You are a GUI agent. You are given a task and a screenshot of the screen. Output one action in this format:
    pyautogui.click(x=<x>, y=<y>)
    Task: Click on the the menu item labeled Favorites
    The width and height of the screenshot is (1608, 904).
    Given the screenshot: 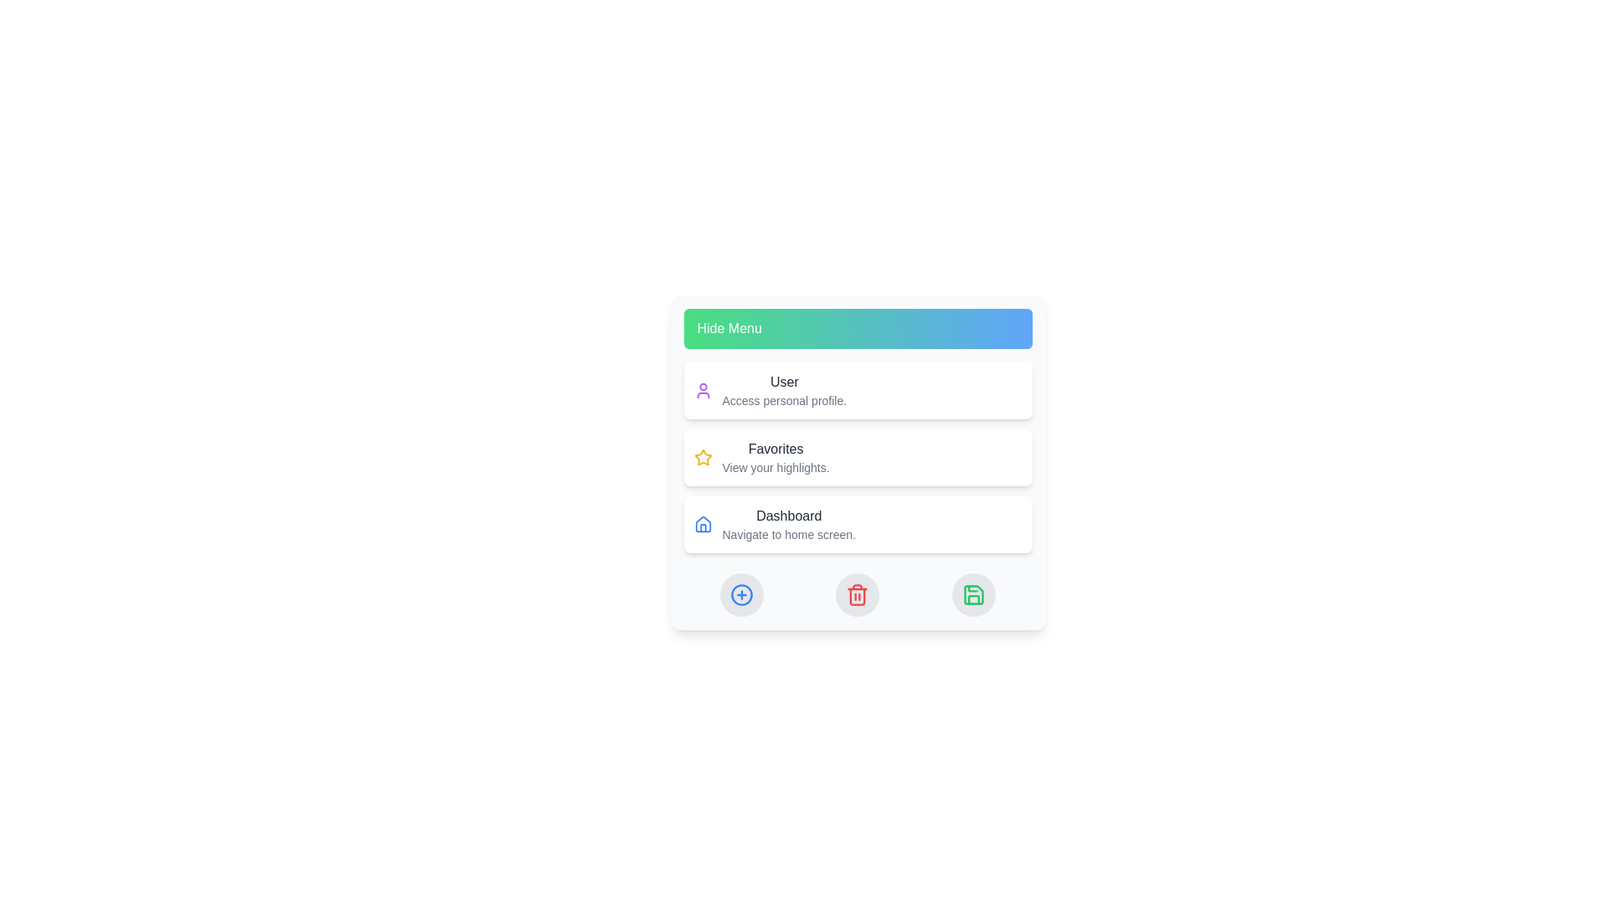 What is the action you would take?
    pyautogui.click(x=858, y=458)
    